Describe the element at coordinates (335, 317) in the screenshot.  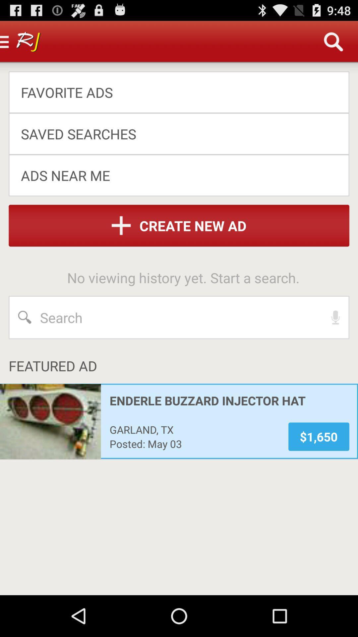
I see `the icon below the no viewing history` at that location.